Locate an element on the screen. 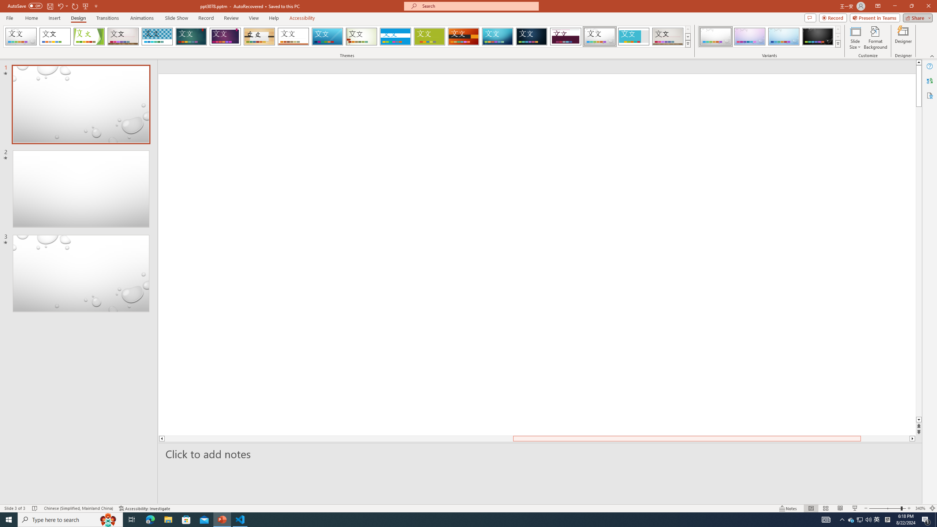 This screenshot has height=527, width=937. 'Banded' is located at coordinates (395, 36).